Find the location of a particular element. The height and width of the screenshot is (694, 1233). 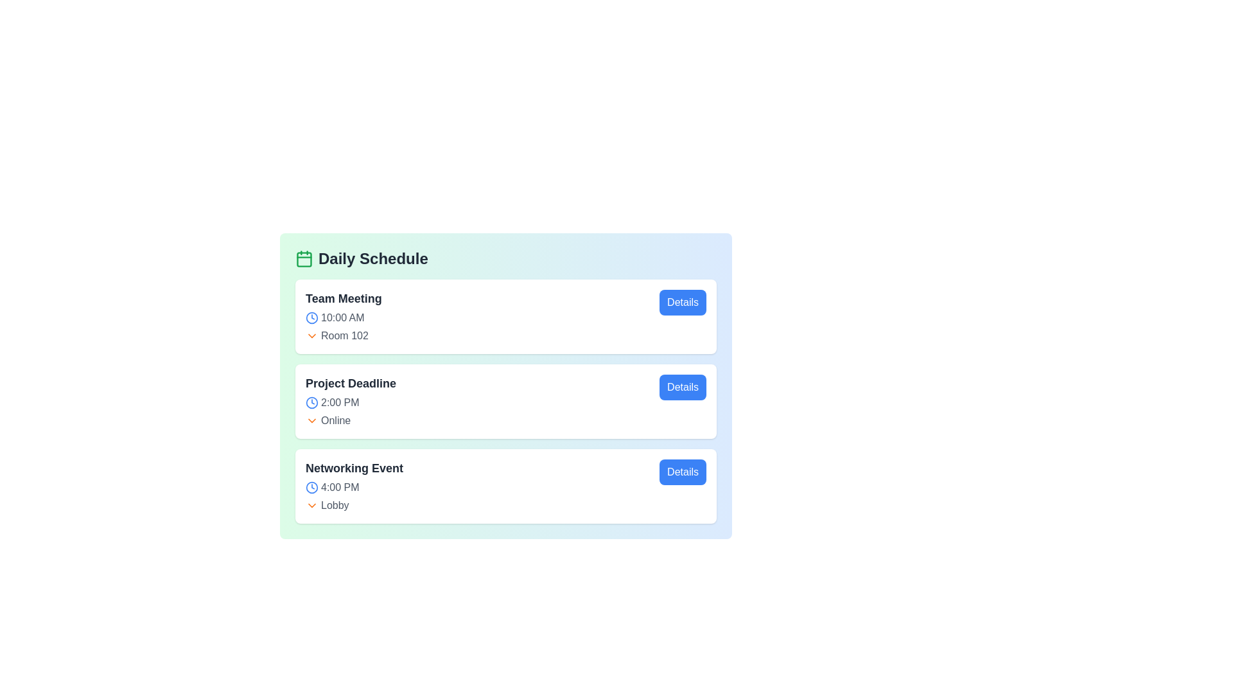

the icon representing the 'Daily Schedule' section, located at the top-left area of the component is located at coordinates (304, 258).